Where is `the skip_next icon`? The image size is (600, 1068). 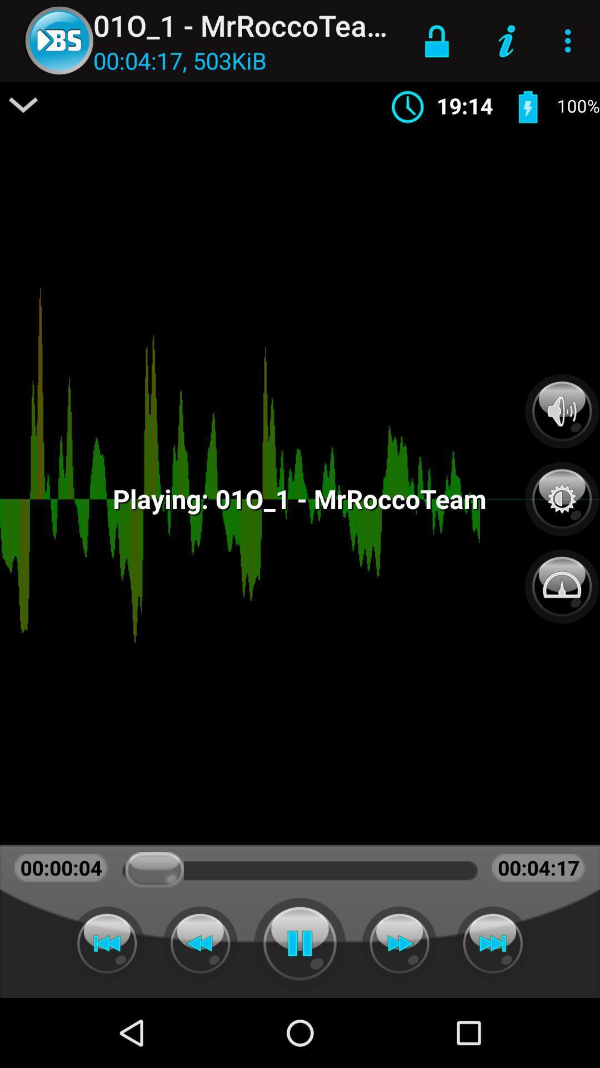 the skip_next icon is located at coordinates (492, 943).